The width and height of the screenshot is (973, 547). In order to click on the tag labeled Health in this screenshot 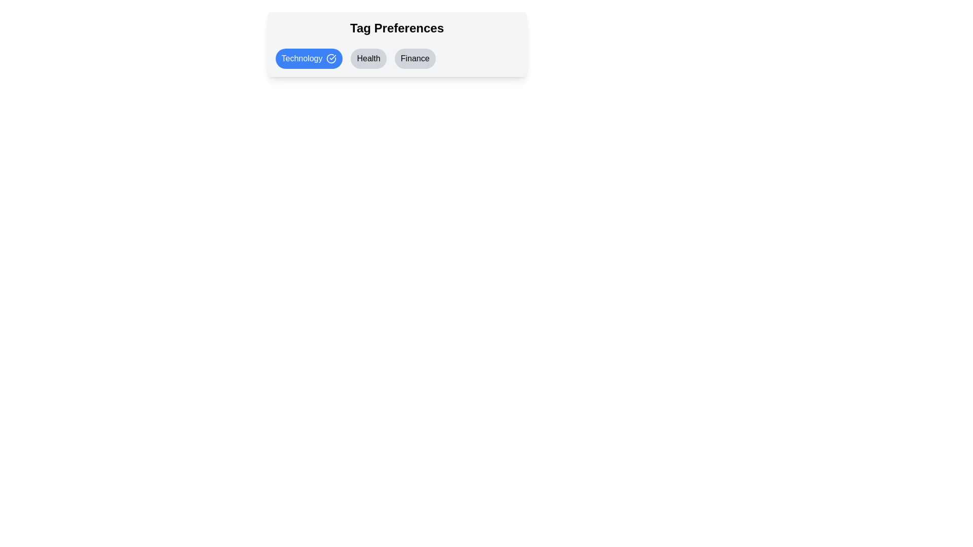, I will do `click(368, 58)`.